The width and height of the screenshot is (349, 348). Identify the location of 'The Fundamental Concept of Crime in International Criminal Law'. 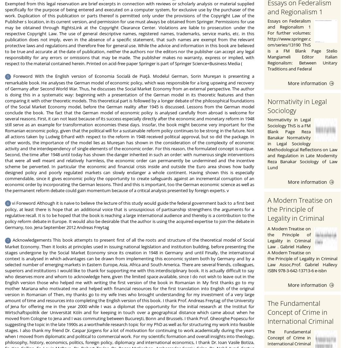
(300, 316).